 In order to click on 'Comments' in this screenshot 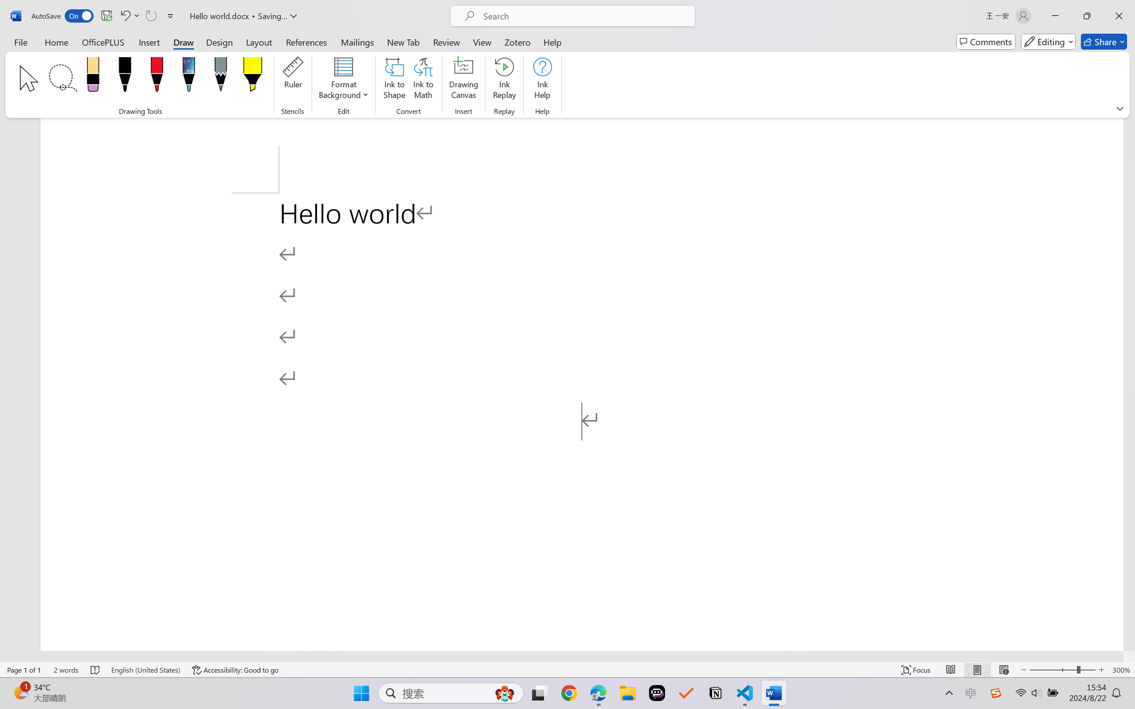, I will do `click(986, 41)`.